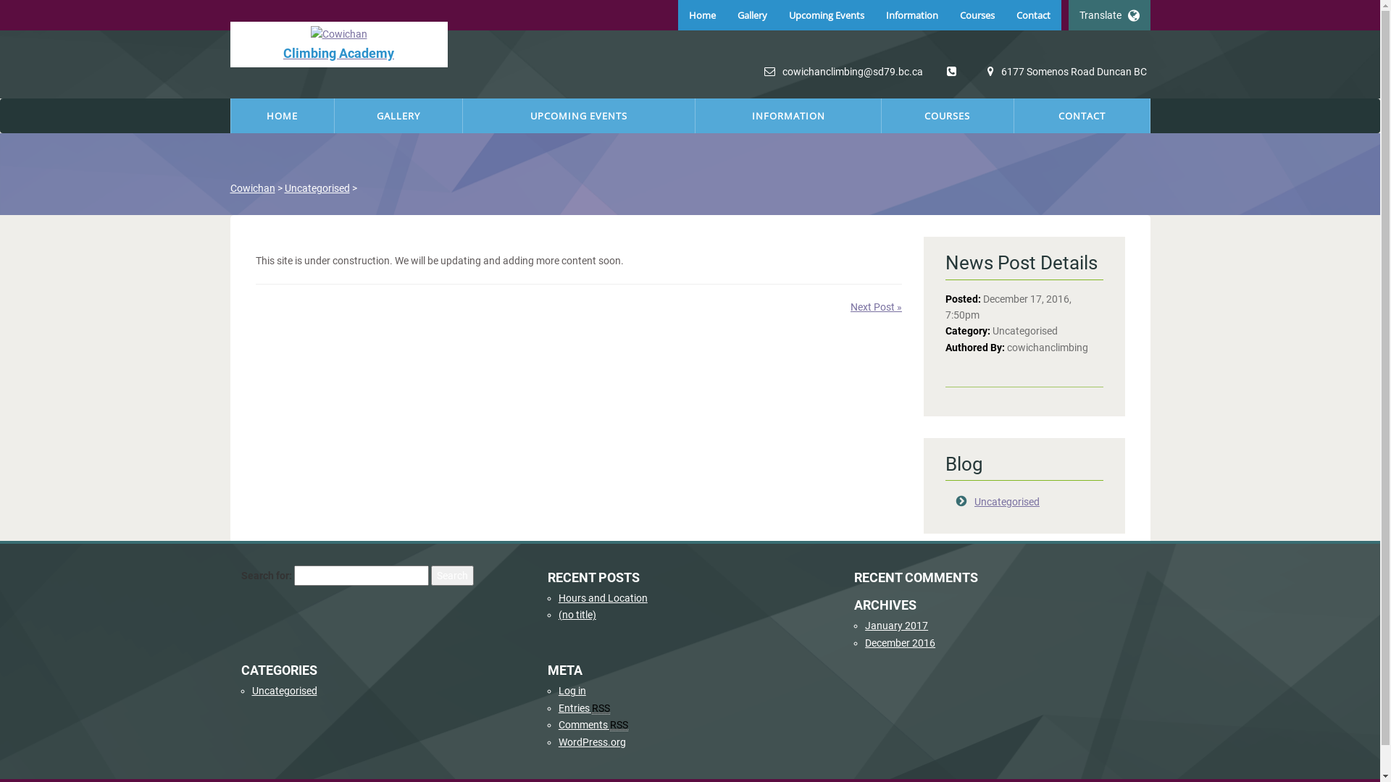 This screenshot has height=782, width=1391. I want to click on 'Log in', so click(572, 689).